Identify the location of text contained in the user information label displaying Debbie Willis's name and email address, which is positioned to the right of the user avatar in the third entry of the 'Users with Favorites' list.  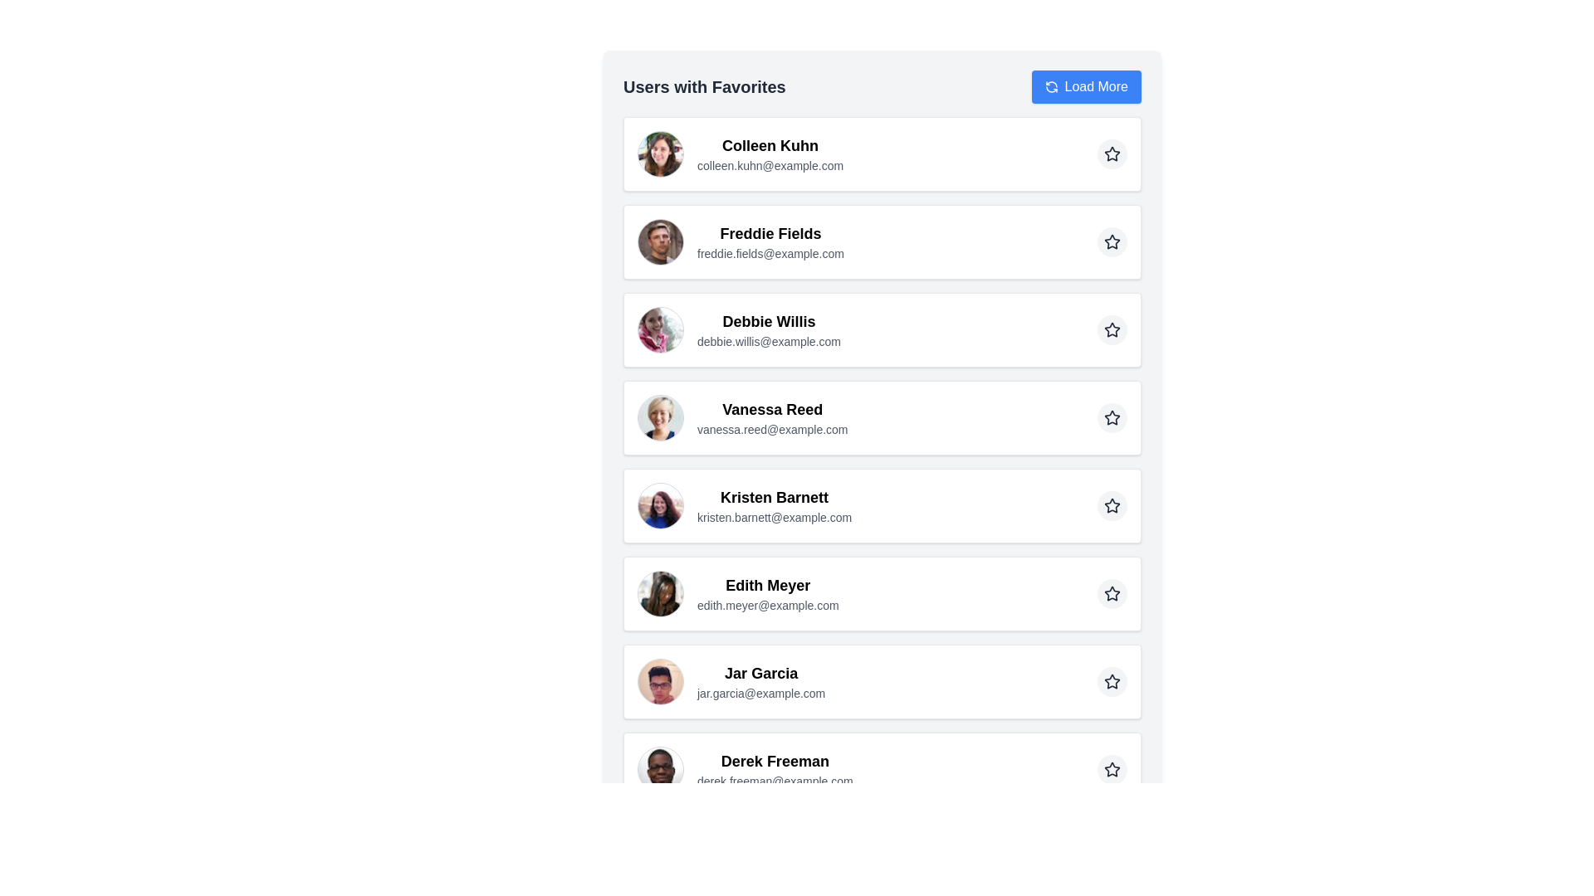
(768, 329).